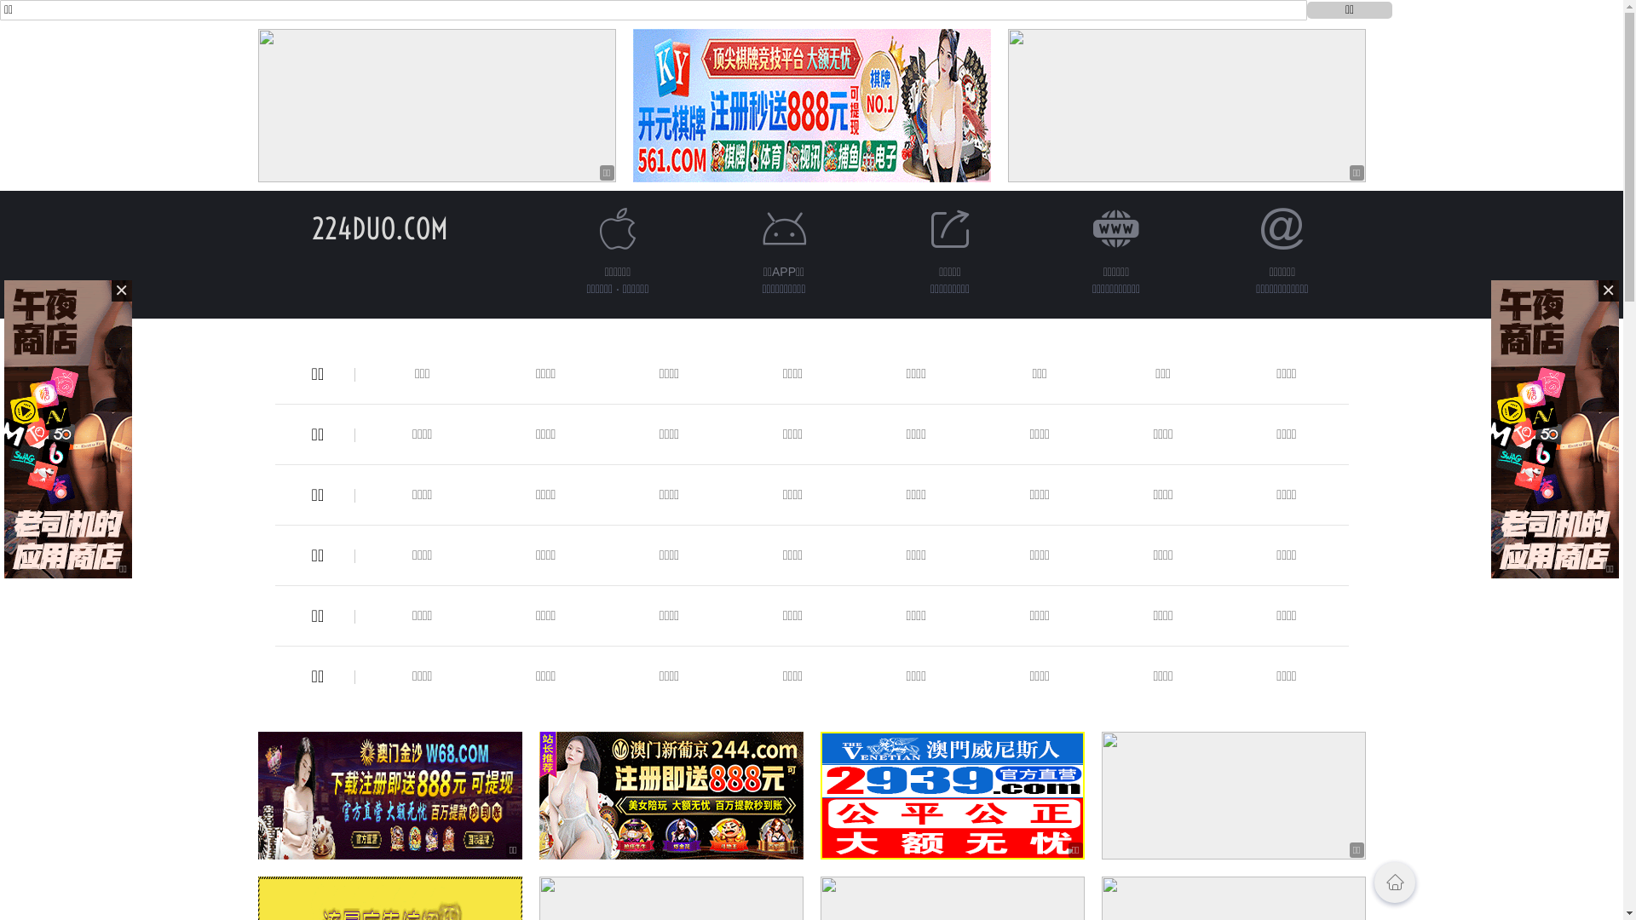  I want to click on '224DUO.COM', so click(379, 227).